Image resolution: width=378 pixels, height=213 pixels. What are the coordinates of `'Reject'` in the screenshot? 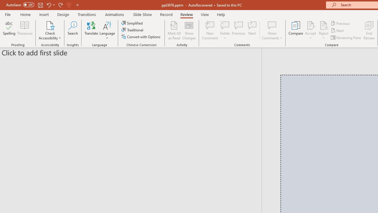 It's located at (323, 30).